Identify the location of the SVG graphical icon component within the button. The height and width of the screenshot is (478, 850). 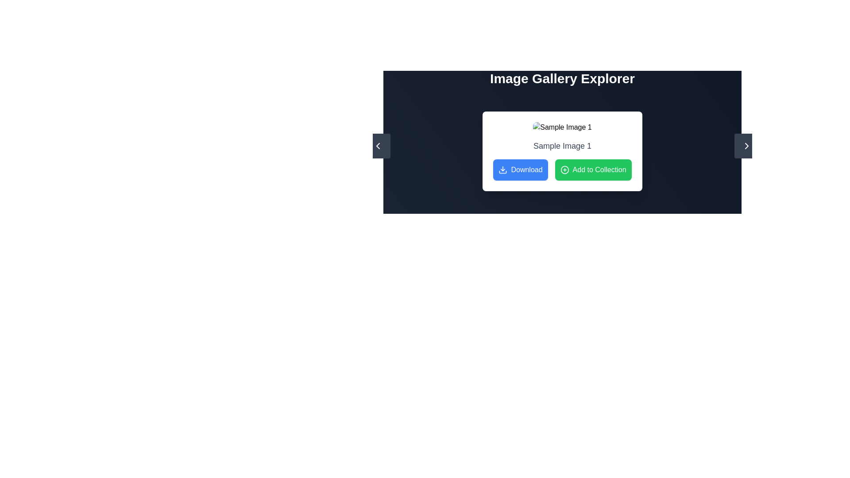
(378, 146).